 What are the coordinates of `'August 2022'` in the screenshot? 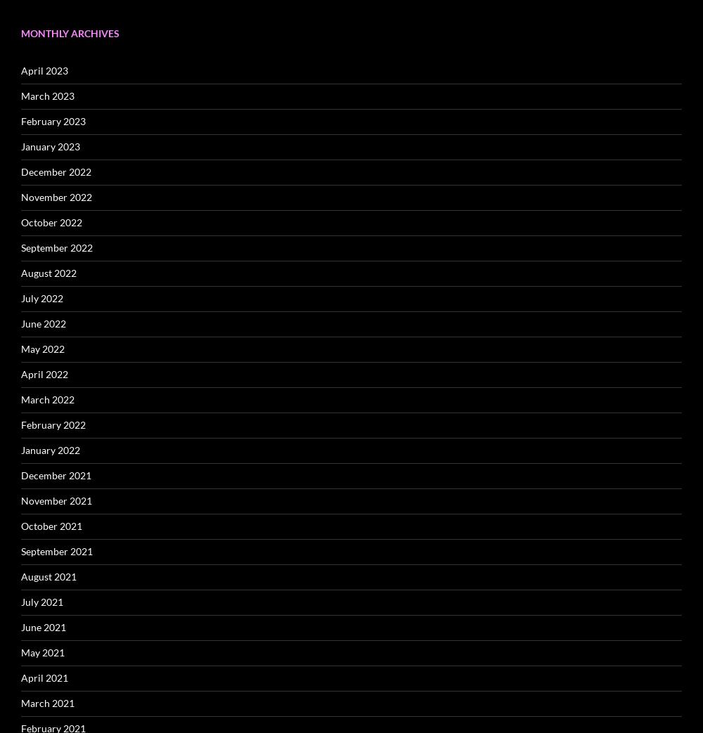 It's located at (48, 273).